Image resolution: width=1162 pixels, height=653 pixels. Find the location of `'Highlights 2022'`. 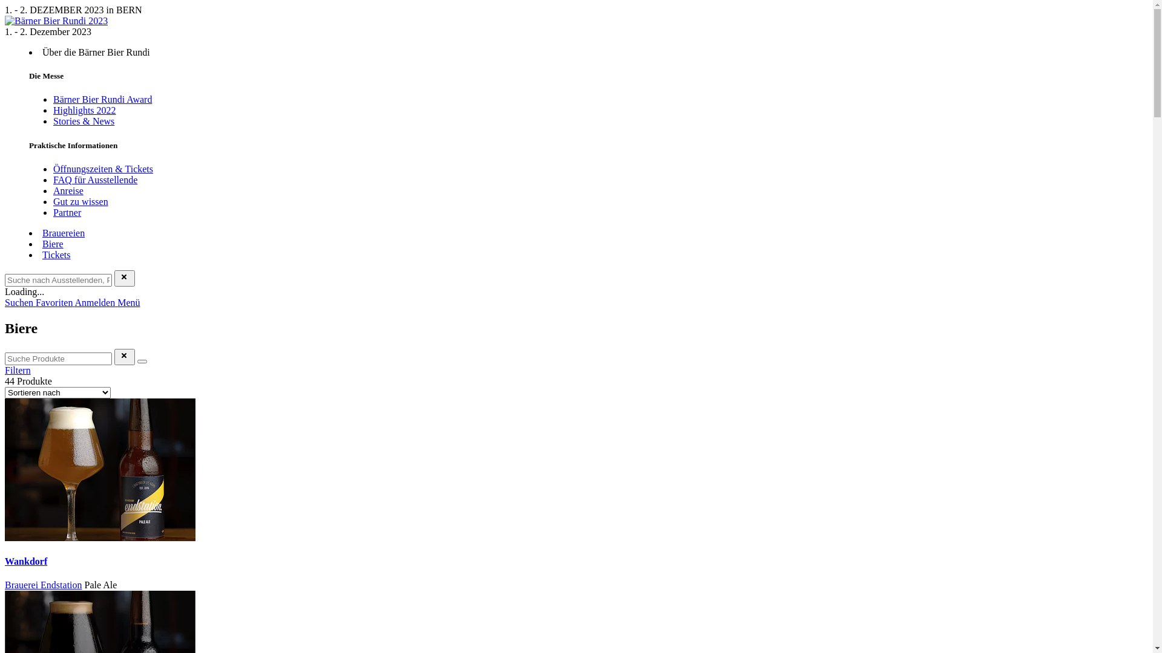

'Highlights 2022' is located at coordinates (84, 110).